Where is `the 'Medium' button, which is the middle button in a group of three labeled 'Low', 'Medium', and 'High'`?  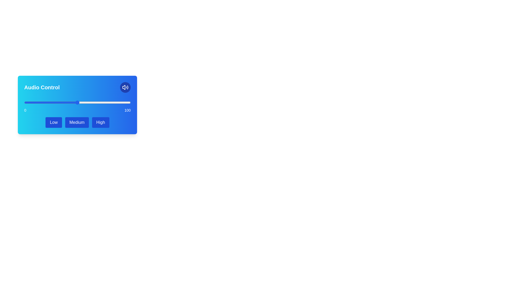 the 'Medium' button, which is the middle button in a group of three labeled 'Low', 'Medium', and 'High' is located at coordinates (77, 123).